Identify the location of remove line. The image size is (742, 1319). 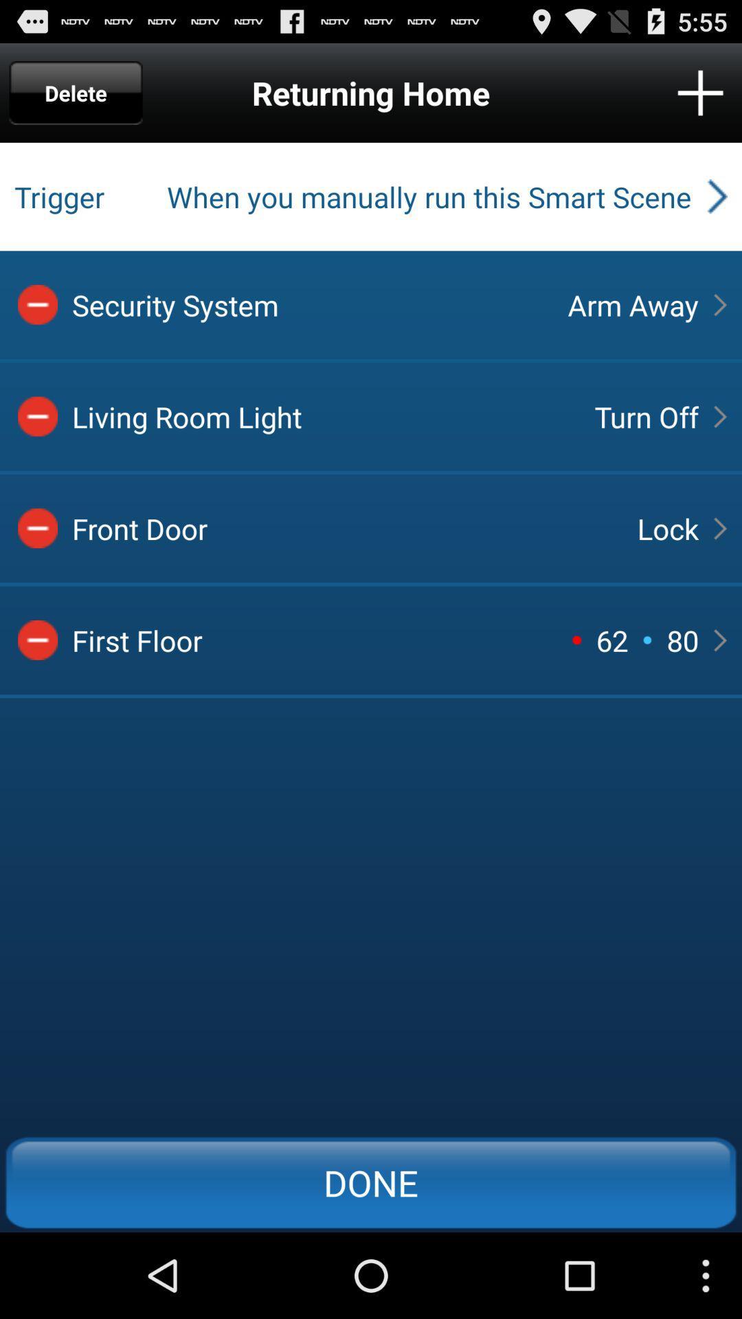
(37, 416).